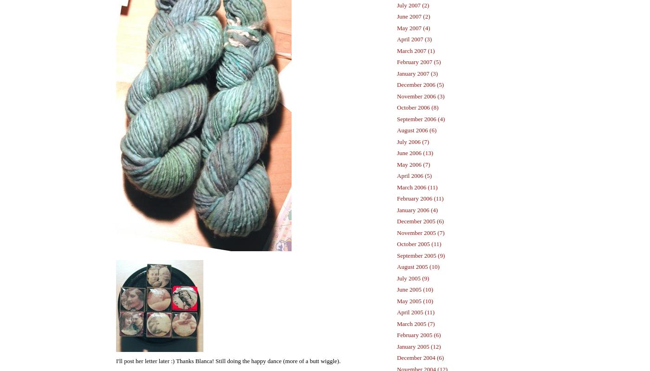 The image size is (650, 371). What do you see at coordinates (413, 5) in the screenshot?
I see `'July 2007 (2)'` at bounding box center [413, 5].